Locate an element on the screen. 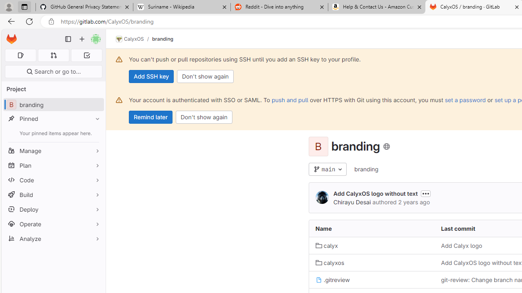 This screenshot has width=522, height=293. 'Chirayu Desai' is located at coordinates (352, 201).